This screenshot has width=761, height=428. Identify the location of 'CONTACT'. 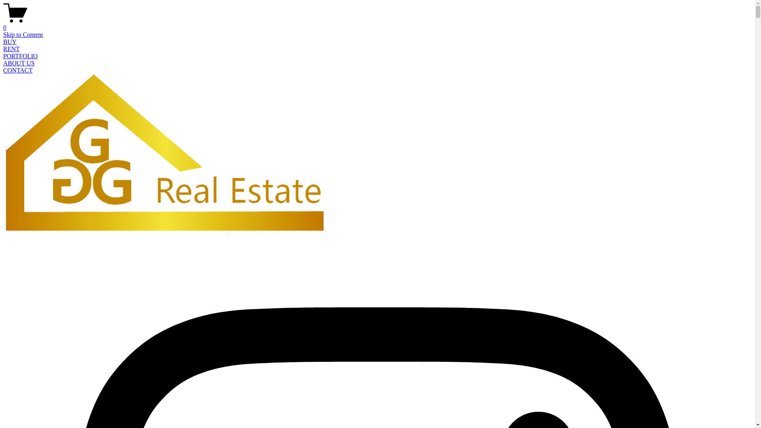
(3, 70).